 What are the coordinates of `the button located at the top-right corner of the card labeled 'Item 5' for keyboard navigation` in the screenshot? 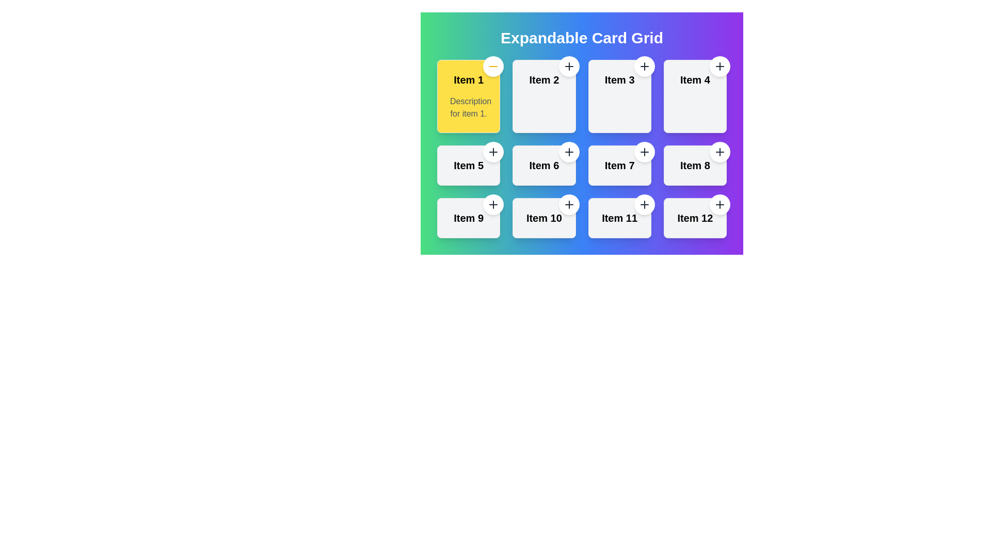 It's located at (493, 152).